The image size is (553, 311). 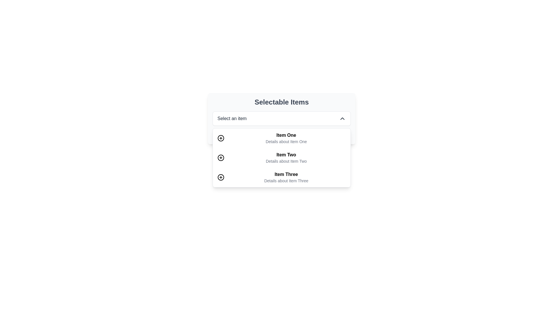 What do you see at coordinates (221, 177) in the screenshot?
I see `the interactive icon related to 'Item Three' located to the left of its label in the 'Selectable Items' dropdown` at bounding box center [221, 177].